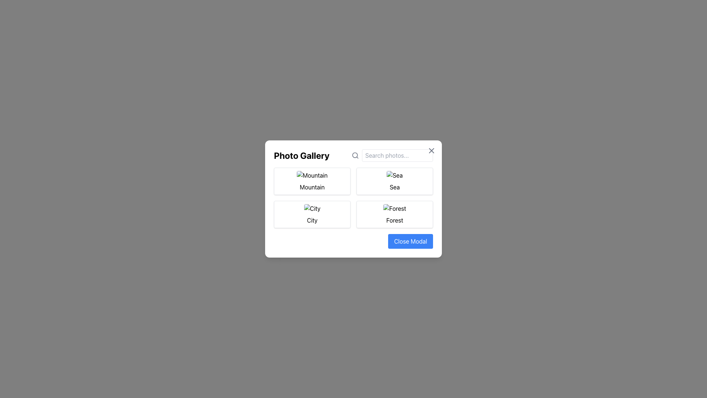 This screenshot has width=707, height=398. What do you see at coordinates (312, 209) in the screenshot?
I see `the 'City' category thumbnail image located in the bottom row of the left column in the 'Photo Gallery' modal dialog` at bounding box center [312, 209].